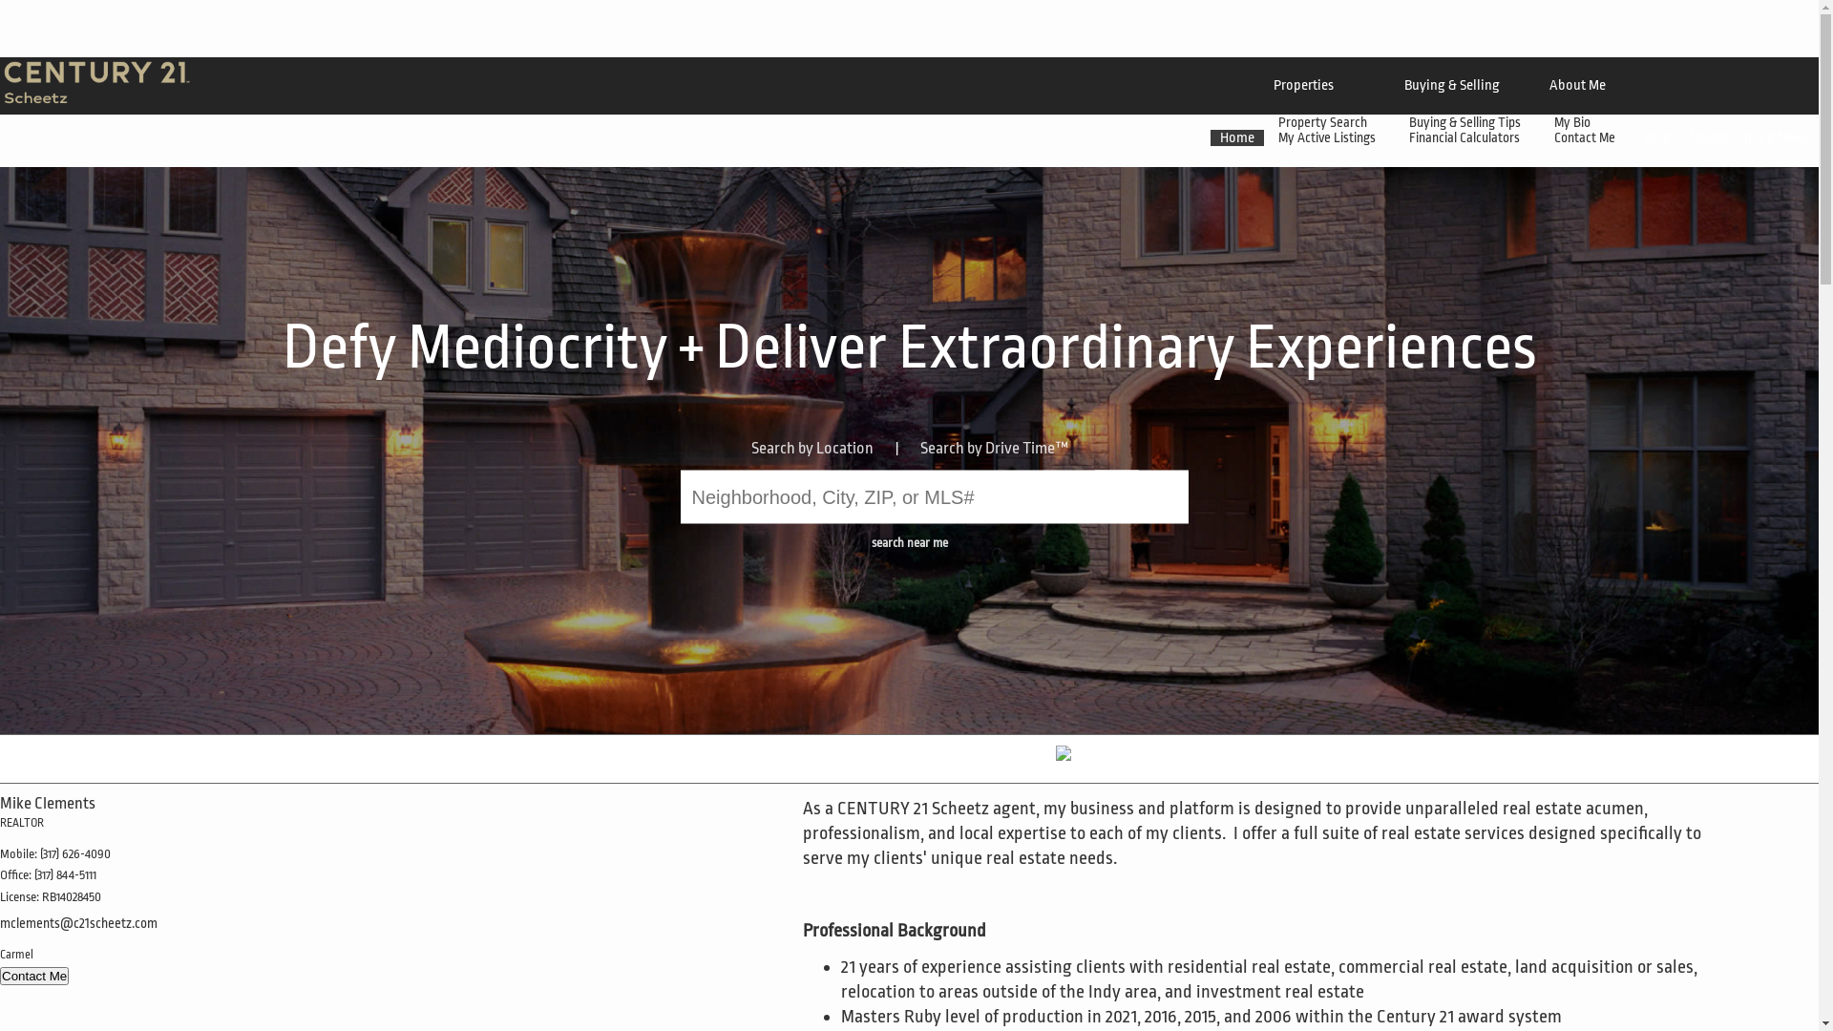 This screenshot has height=1031, width=1833. What do you see at coordinates (1302, 84) in the screenshot?
I see `'Properties'` at bounding box center [1302, 84].